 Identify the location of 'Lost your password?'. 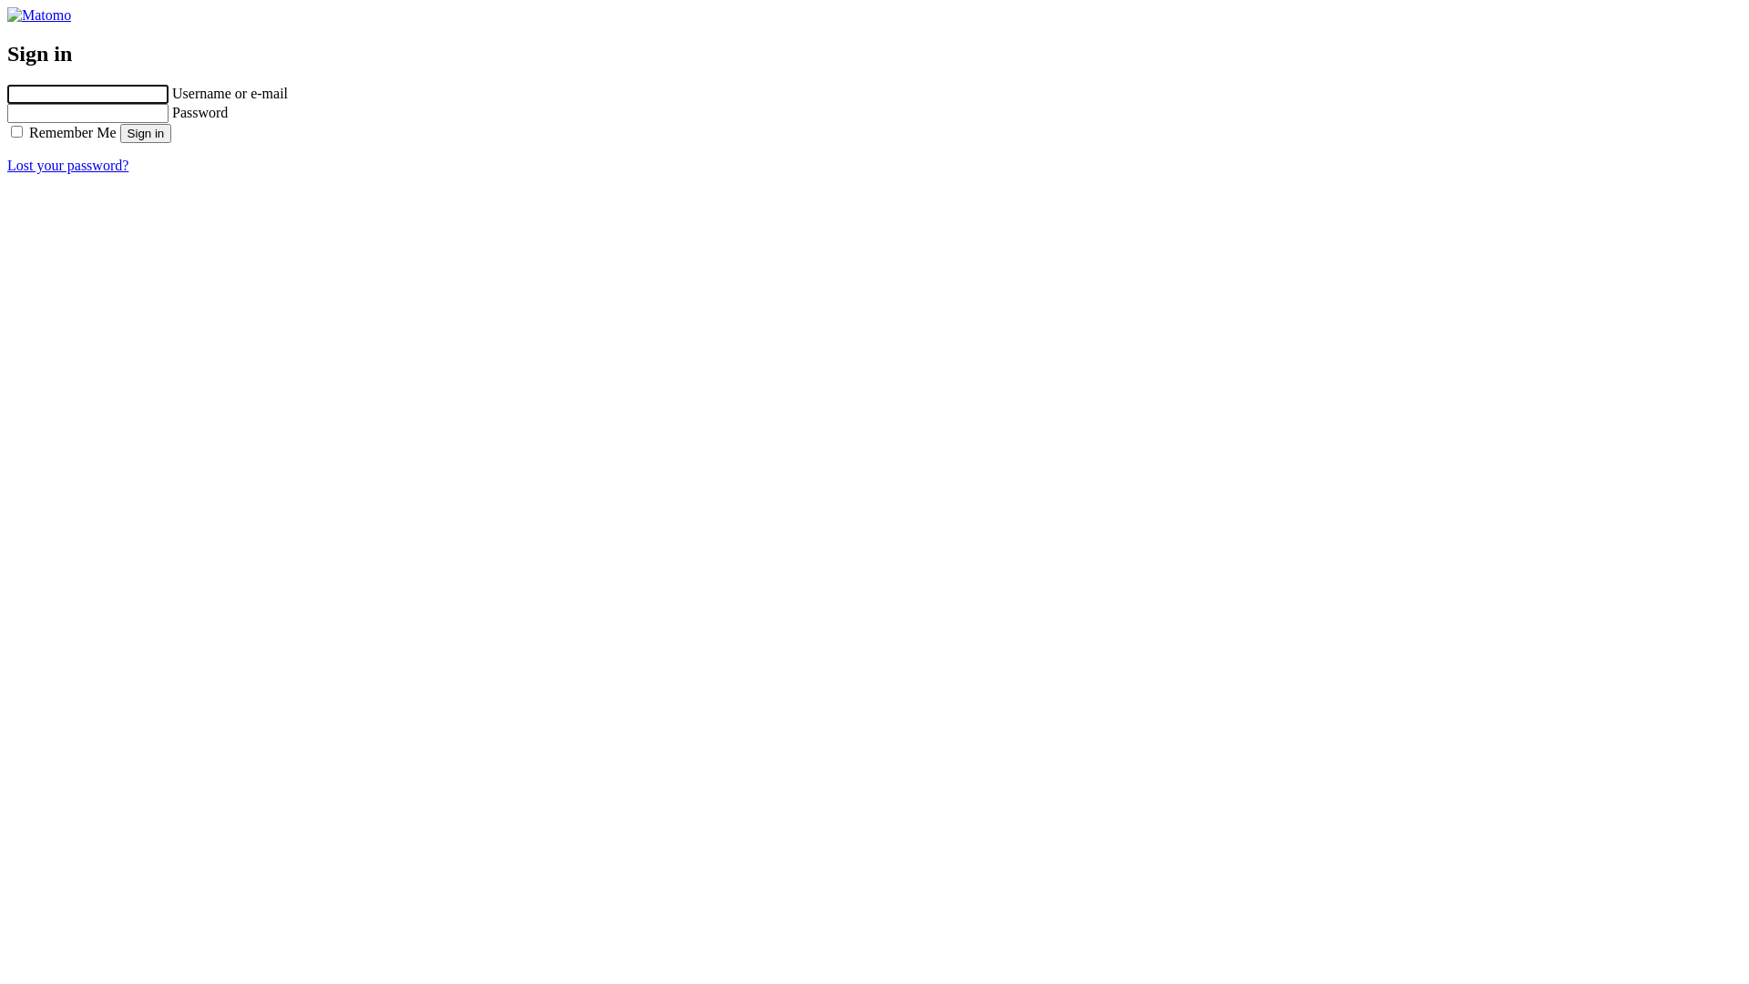
(67, 165).